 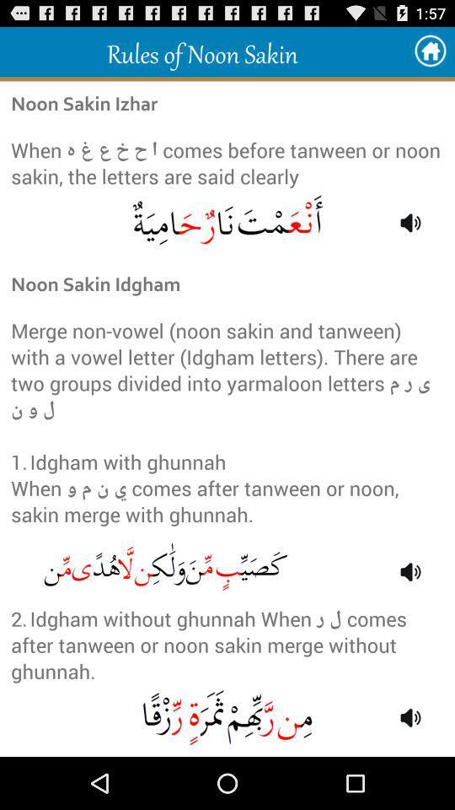 What do you see at coordinates (430, 51) in the screenshot?
I see `home button` at bounding box center [430, 51].